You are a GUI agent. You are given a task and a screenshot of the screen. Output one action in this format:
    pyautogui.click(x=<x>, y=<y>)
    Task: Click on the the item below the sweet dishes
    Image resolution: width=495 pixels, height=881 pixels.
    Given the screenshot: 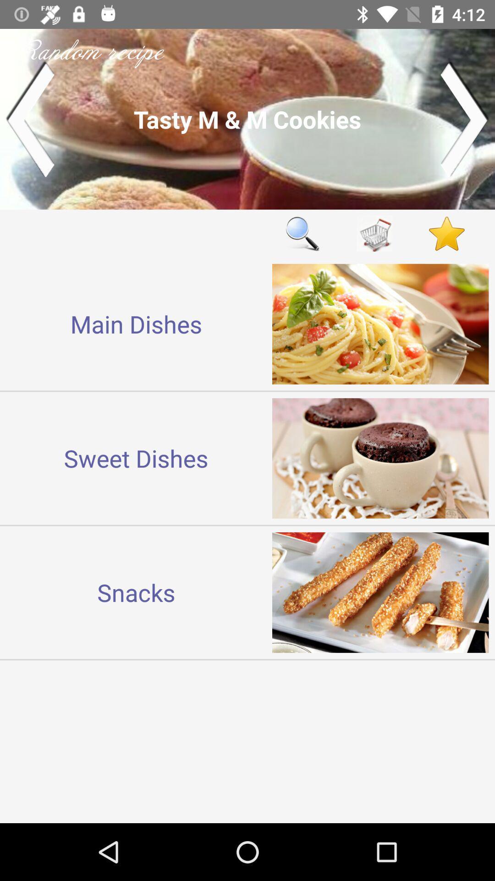 What is the action you would take?
    pyautogui.click(x=136, y=592)
    